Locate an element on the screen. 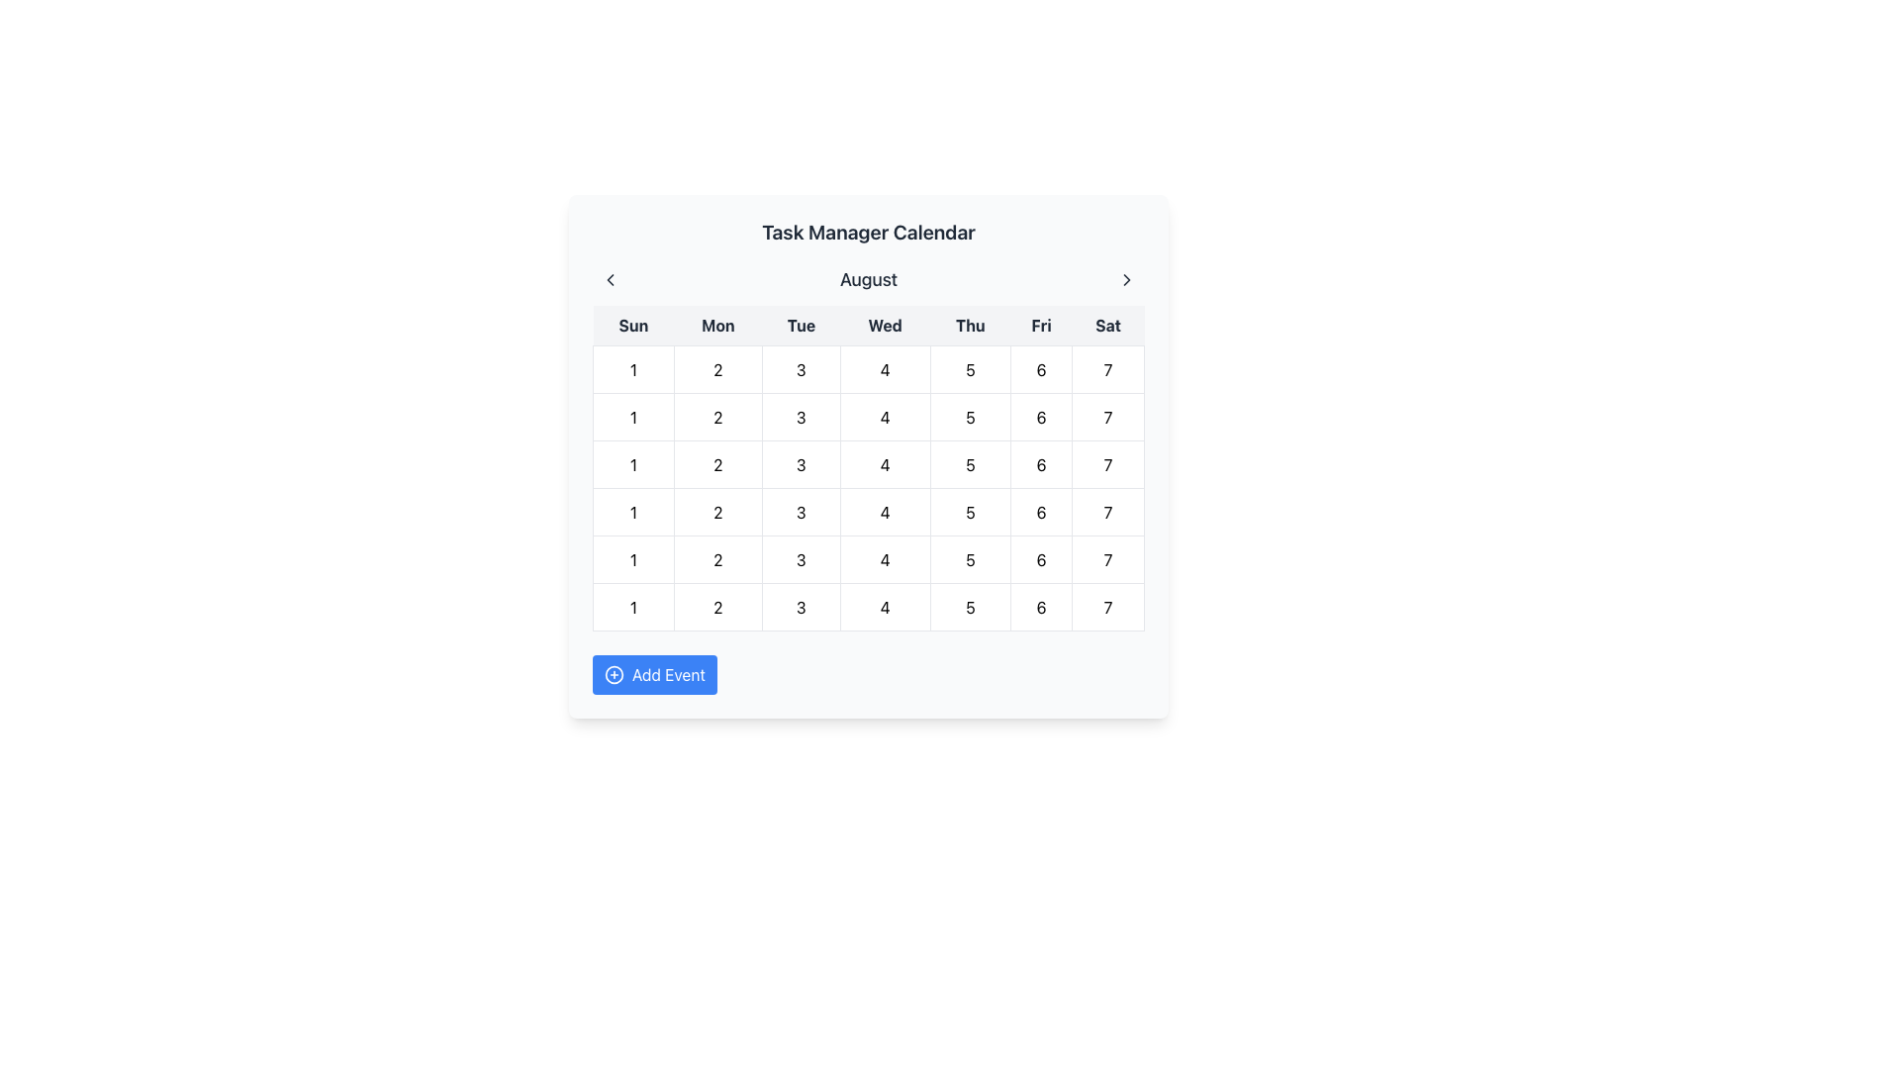  the grid cell containing the digit '6' in the first row and fifth column of the calendar grid is located at coordinates (1040, 369).